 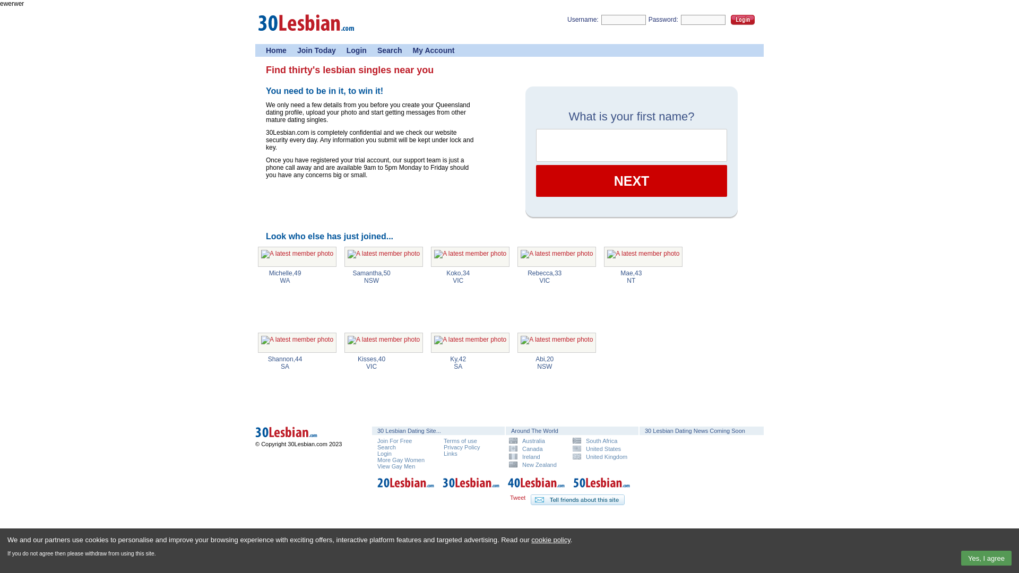 What do you see at coordinates (470, 256) in the screenshot?
I see `'Koko, 34 from Flinders Lane, VIC'` at bounding box center [470, 256].